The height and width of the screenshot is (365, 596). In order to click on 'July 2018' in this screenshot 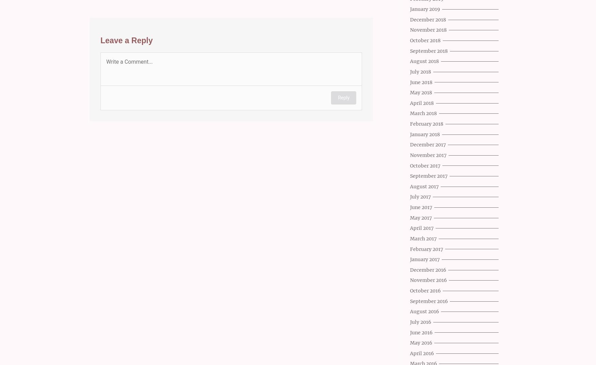, I will do `click(420, 72)`.